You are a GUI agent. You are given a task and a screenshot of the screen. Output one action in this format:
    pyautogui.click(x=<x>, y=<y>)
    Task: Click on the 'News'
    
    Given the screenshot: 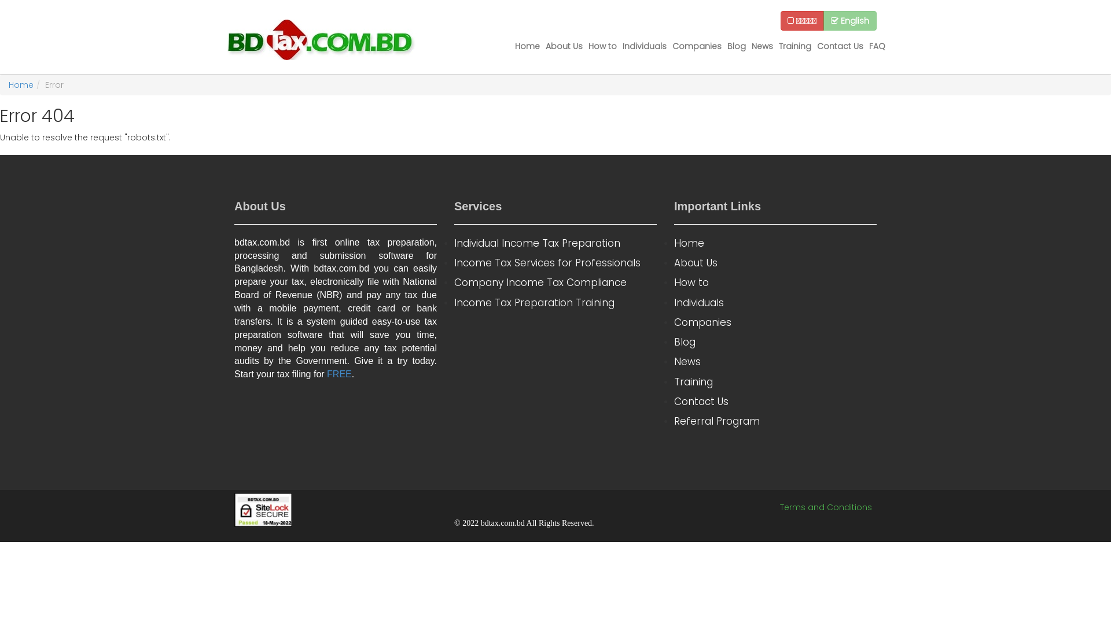 What is the action you would take?
    pyautogui.click(x=762, y=46)
    